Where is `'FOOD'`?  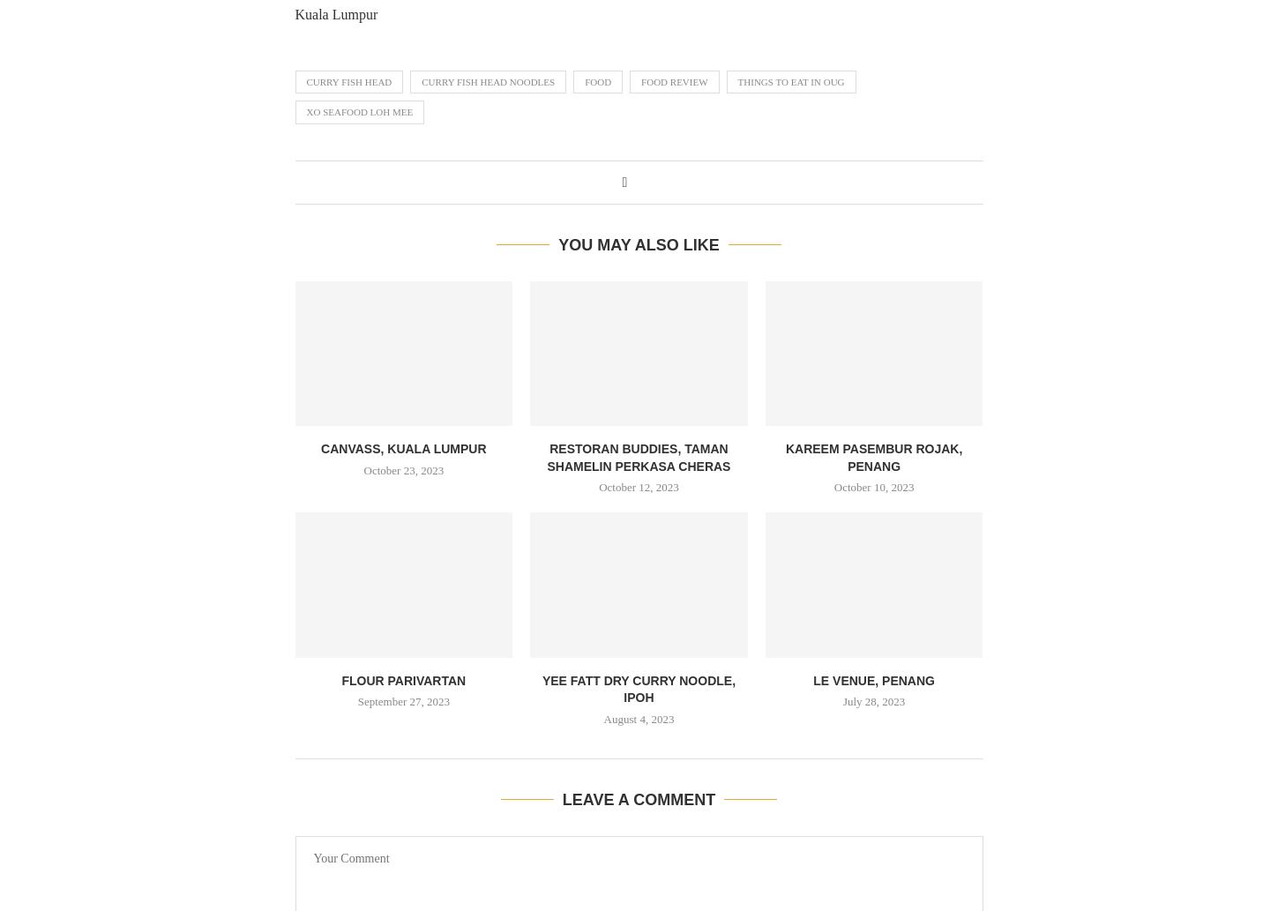
'FOOD' is located at coordinates (597, 81).